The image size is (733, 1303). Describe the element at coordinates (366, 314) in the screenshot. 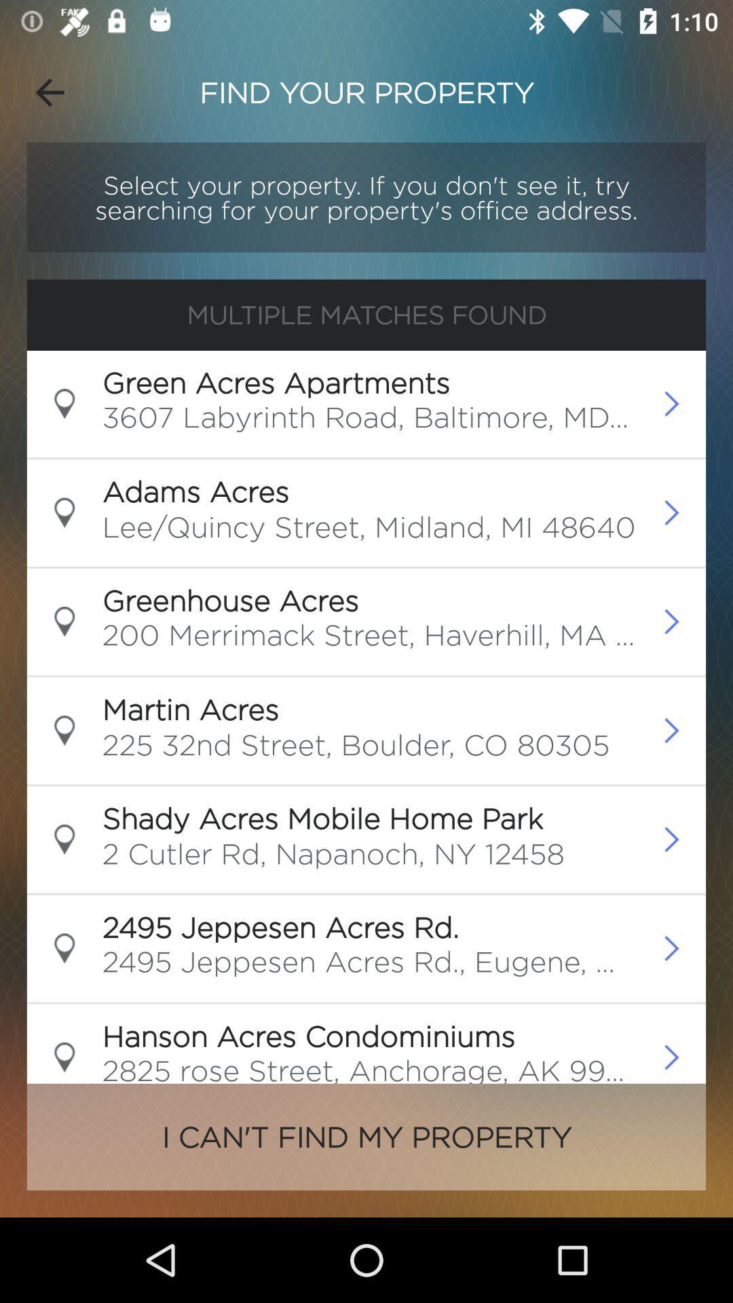

I see `the multiple matches found button` at that location.